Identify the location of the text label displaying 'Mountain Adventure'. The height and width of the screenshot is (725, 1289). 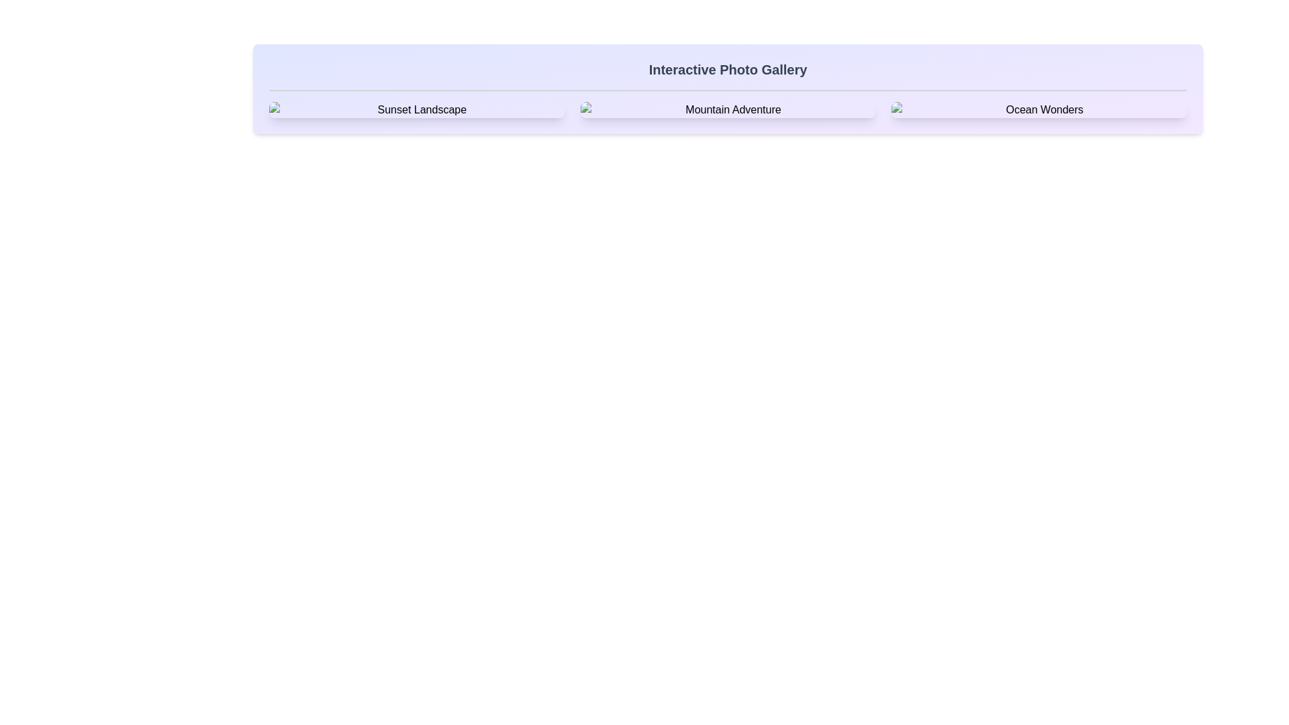
(727, 109).